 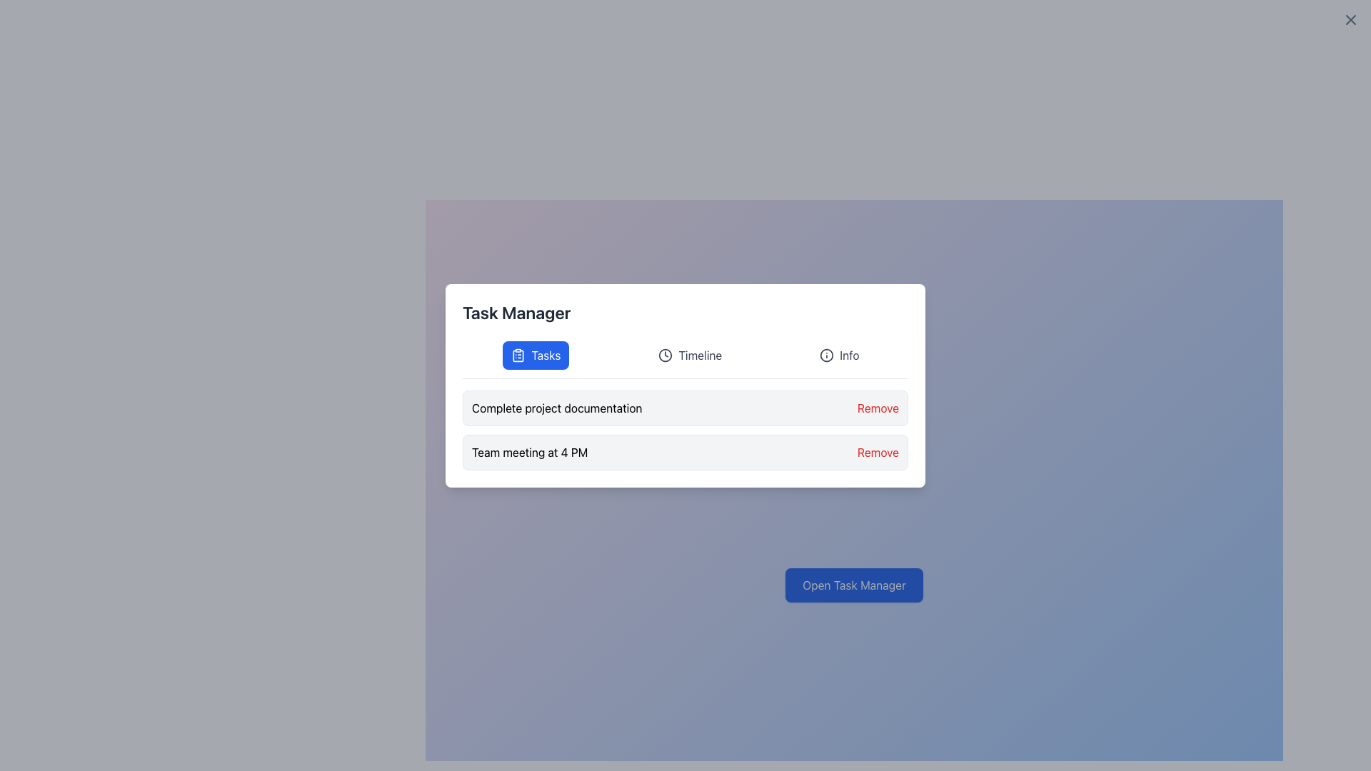 I want to click on the 'Remove' link in the first list item labeled 'Complete project documentation', so click(x=685, y=408).